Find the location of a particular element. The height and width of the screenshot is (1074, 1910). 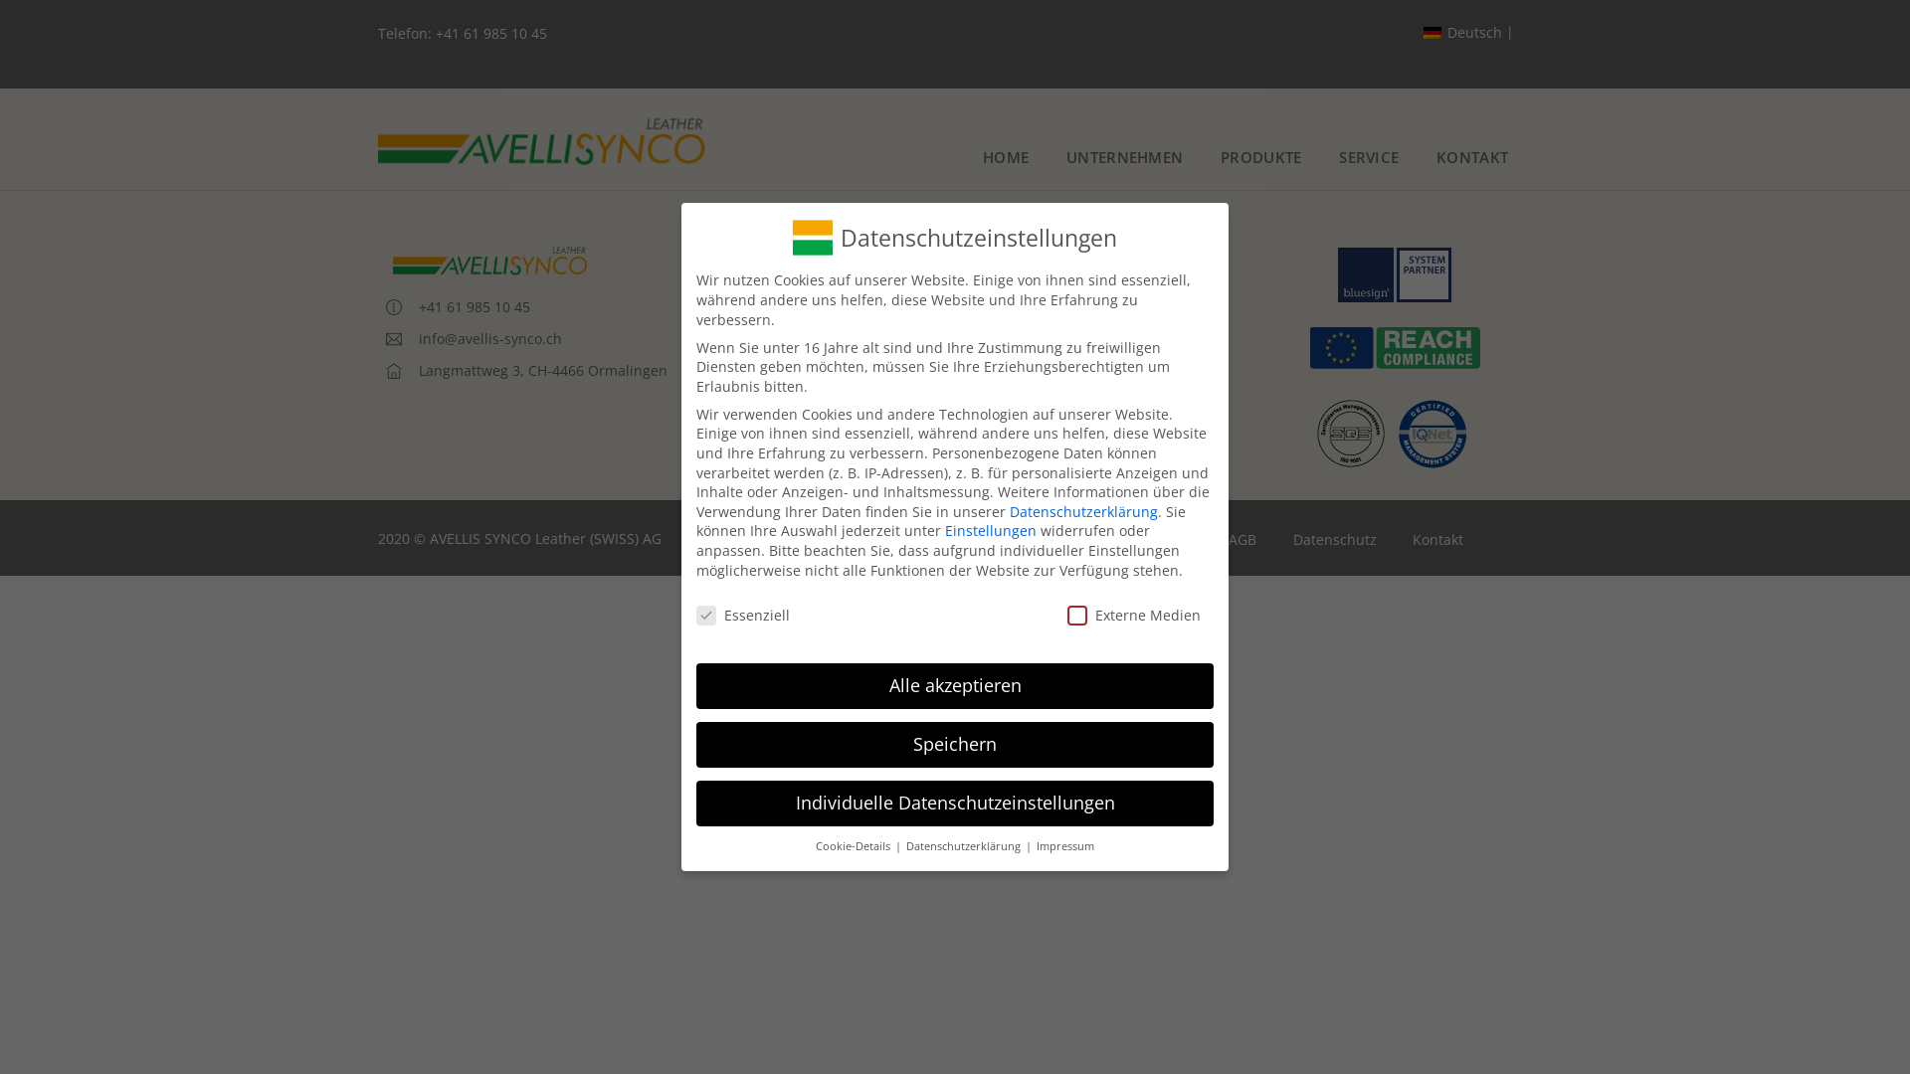

'Speichern' is located at coordinates (955, 744).